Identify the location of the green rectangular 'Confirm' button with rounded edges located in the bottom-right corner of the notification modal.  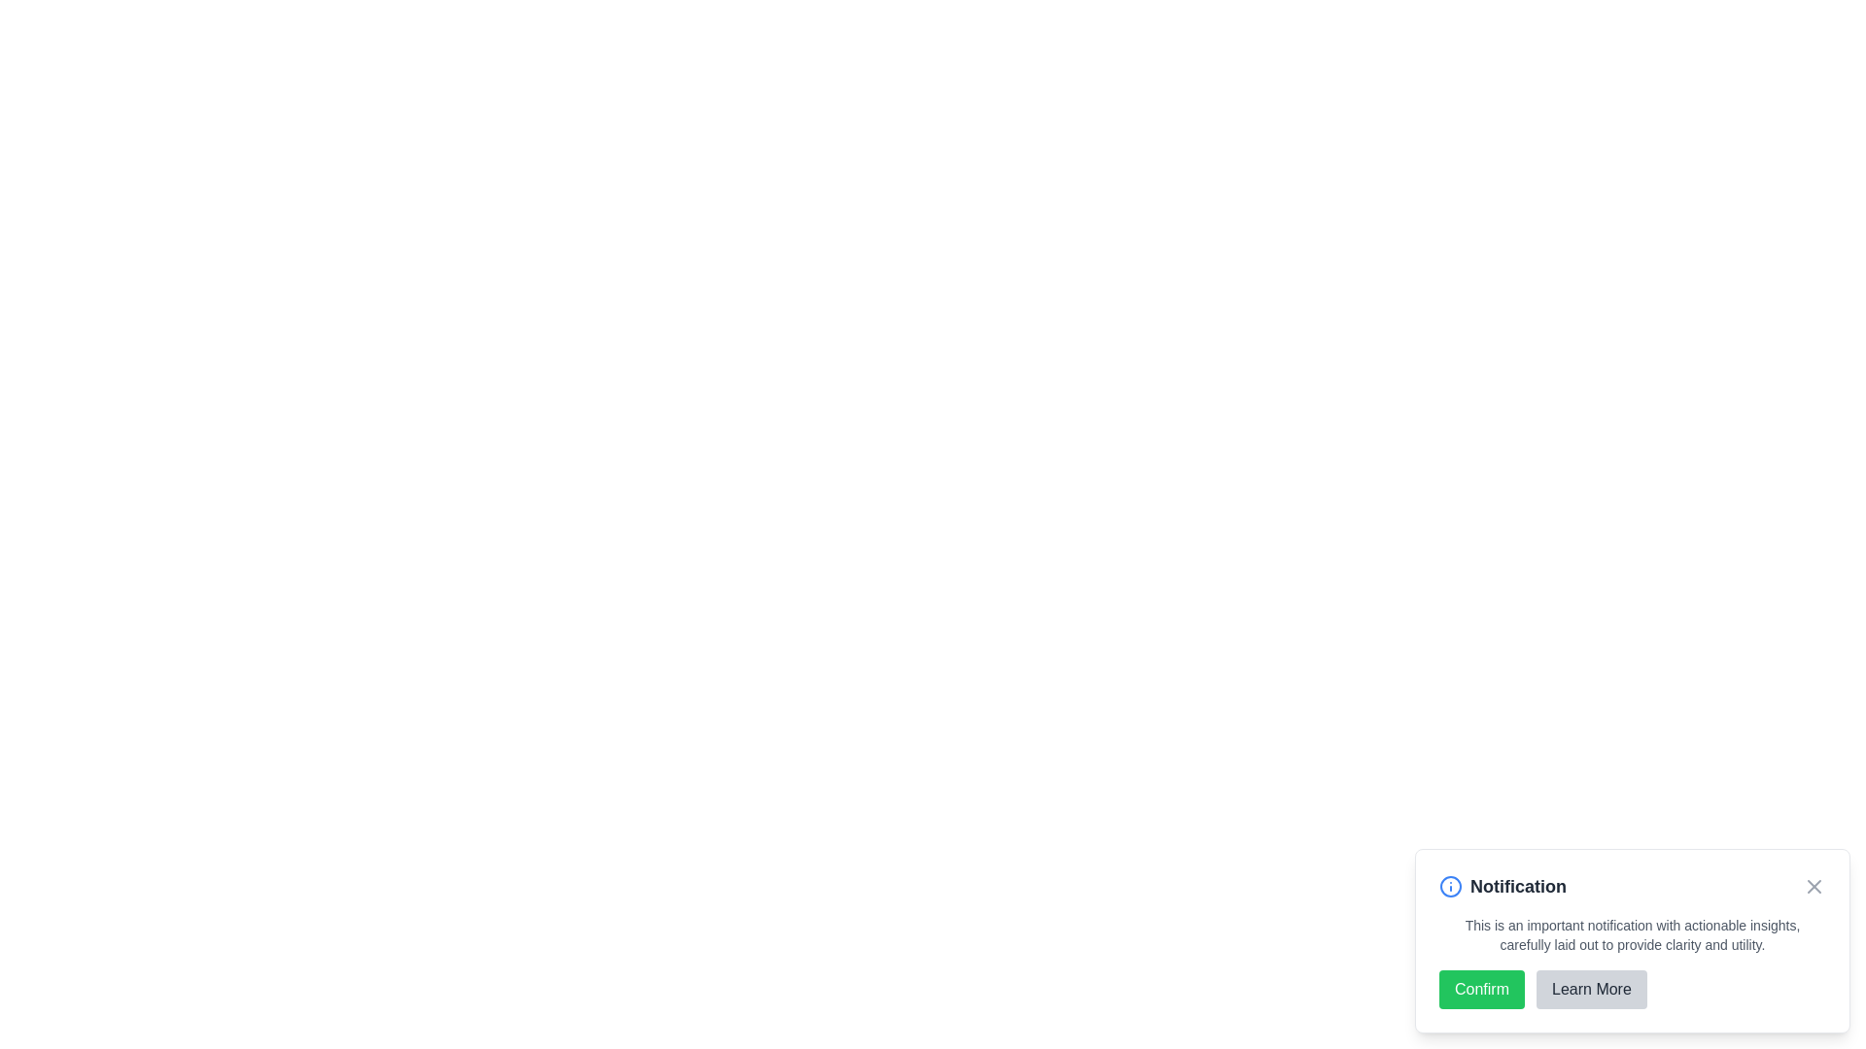
(1481, 989).